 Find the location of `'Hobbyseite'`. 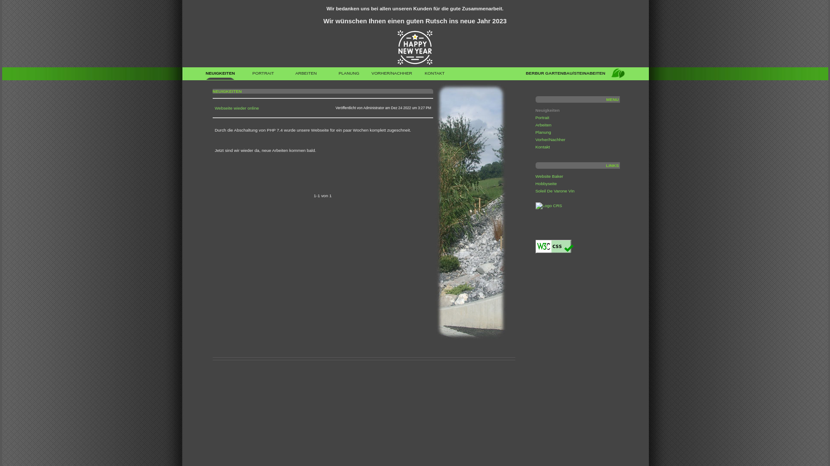

'Hobbyseite' is located at coordinates (545, 183).